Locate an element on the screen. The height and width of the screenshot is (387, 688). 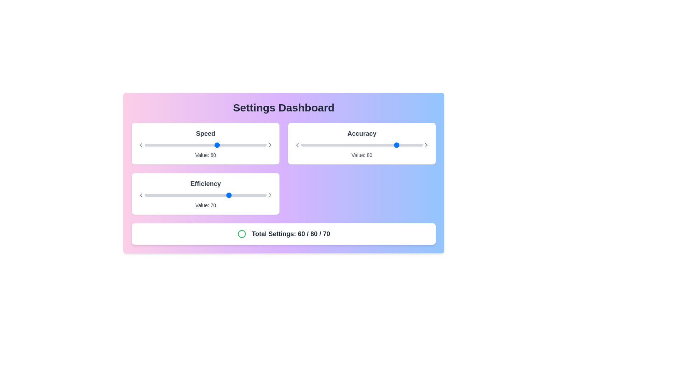
efficiency is located at coordinates (201, 195).